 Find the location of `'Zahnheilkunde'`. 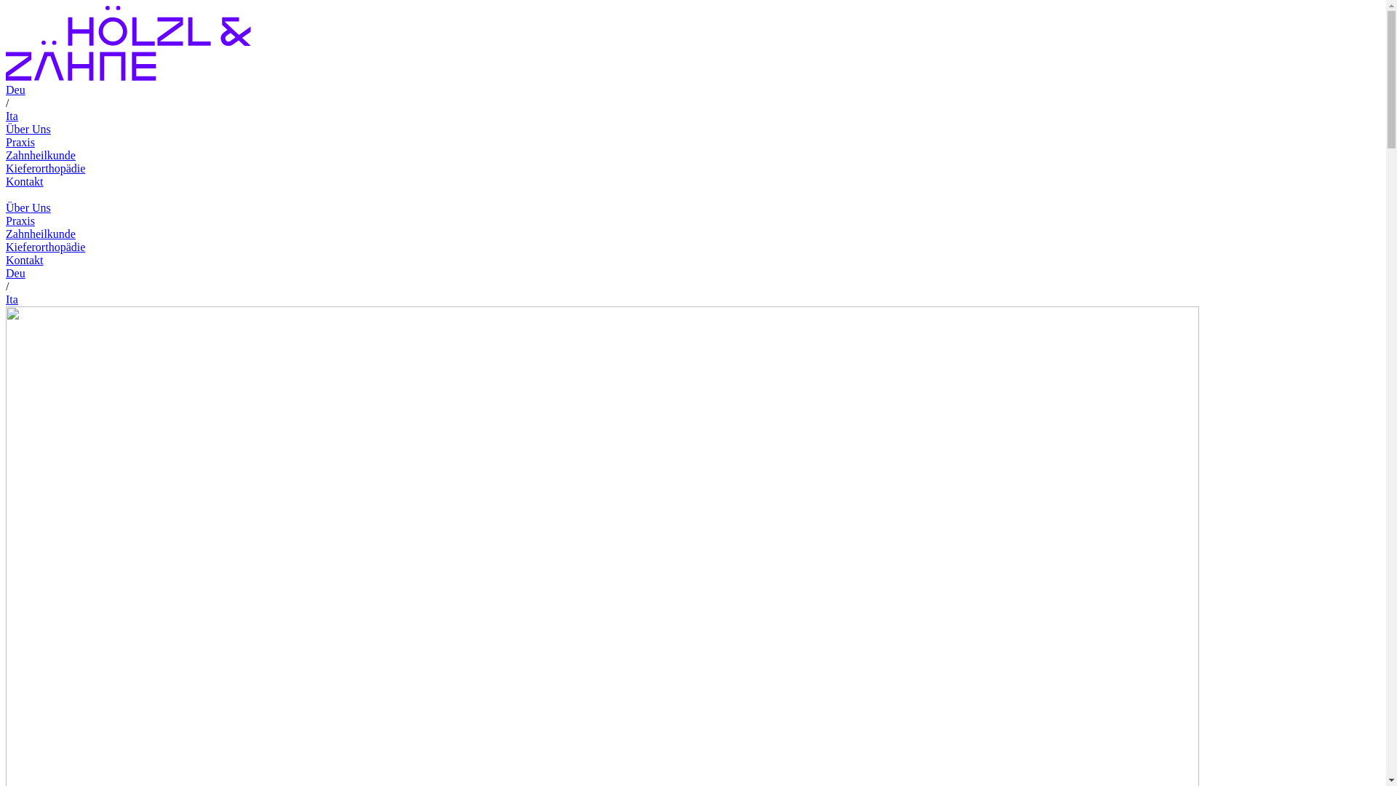

'Zahnheilkunde' is located at coordinates (41, 155).